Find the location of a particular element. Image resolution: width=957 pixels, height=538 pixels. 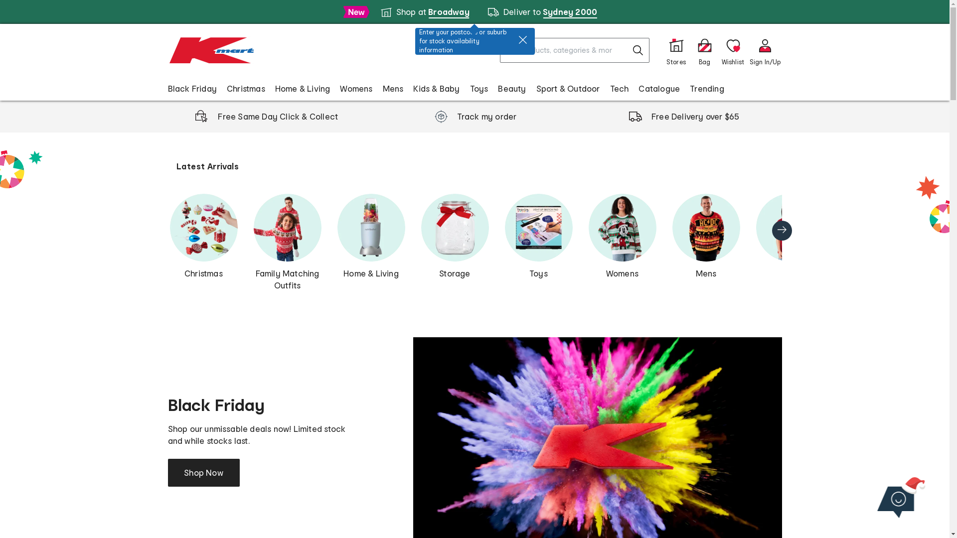

'Family Matching Outfits' is located at coordinates (251, 242).